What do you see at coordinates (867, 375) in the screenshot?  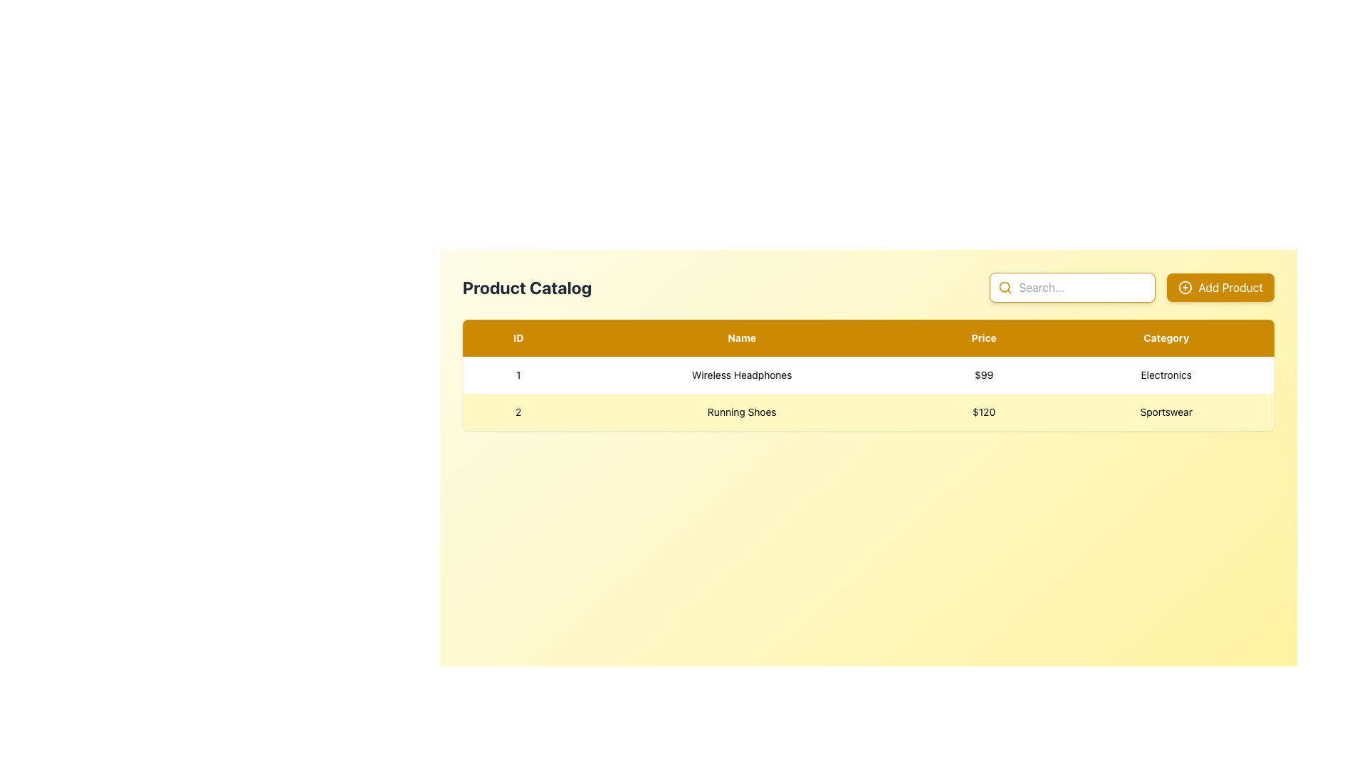 I see `the first row of the product table, which displays 'Wireless Headphones', to interact with the product listing` at bounding box center [867, 375].